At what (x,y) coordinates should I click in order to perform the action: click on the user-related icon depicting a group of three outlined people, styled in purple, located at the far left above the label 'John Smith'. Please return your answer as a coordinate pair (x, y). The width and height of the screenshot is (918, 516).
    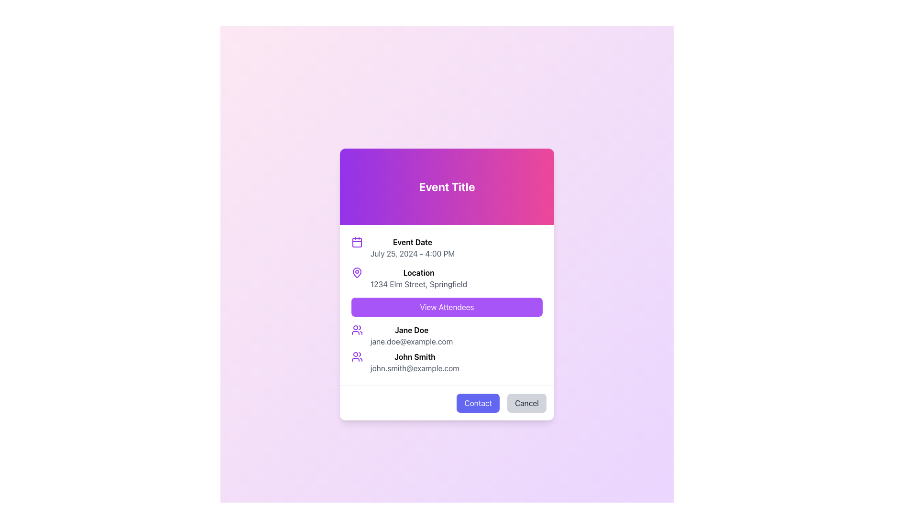
    Looking at the image, I should click on (357, 356).